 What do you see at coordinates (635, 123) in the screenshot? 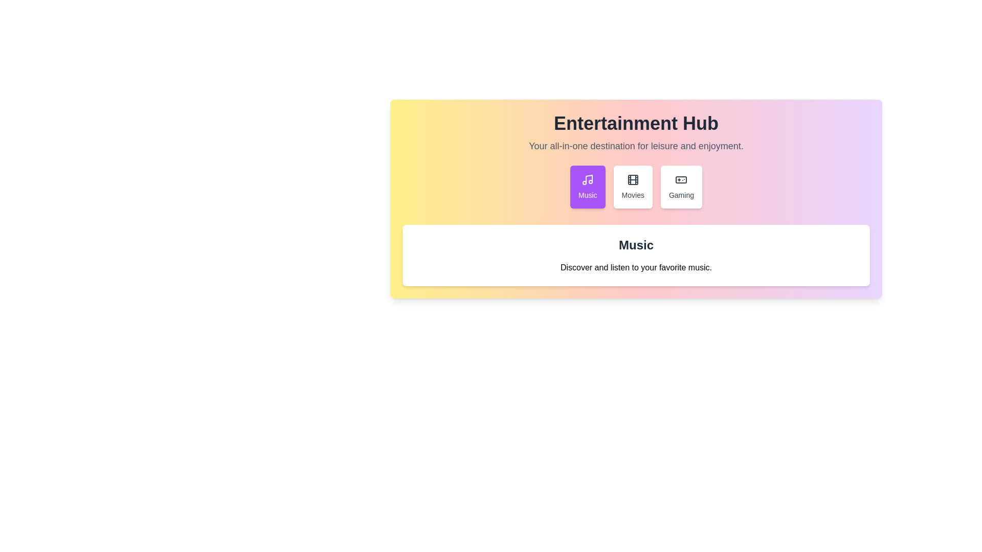
I see `the Text label (Heading) at the top-center of the interface, which indicates the primary topic or theme of the webpage` at bounding box center [635, 123].